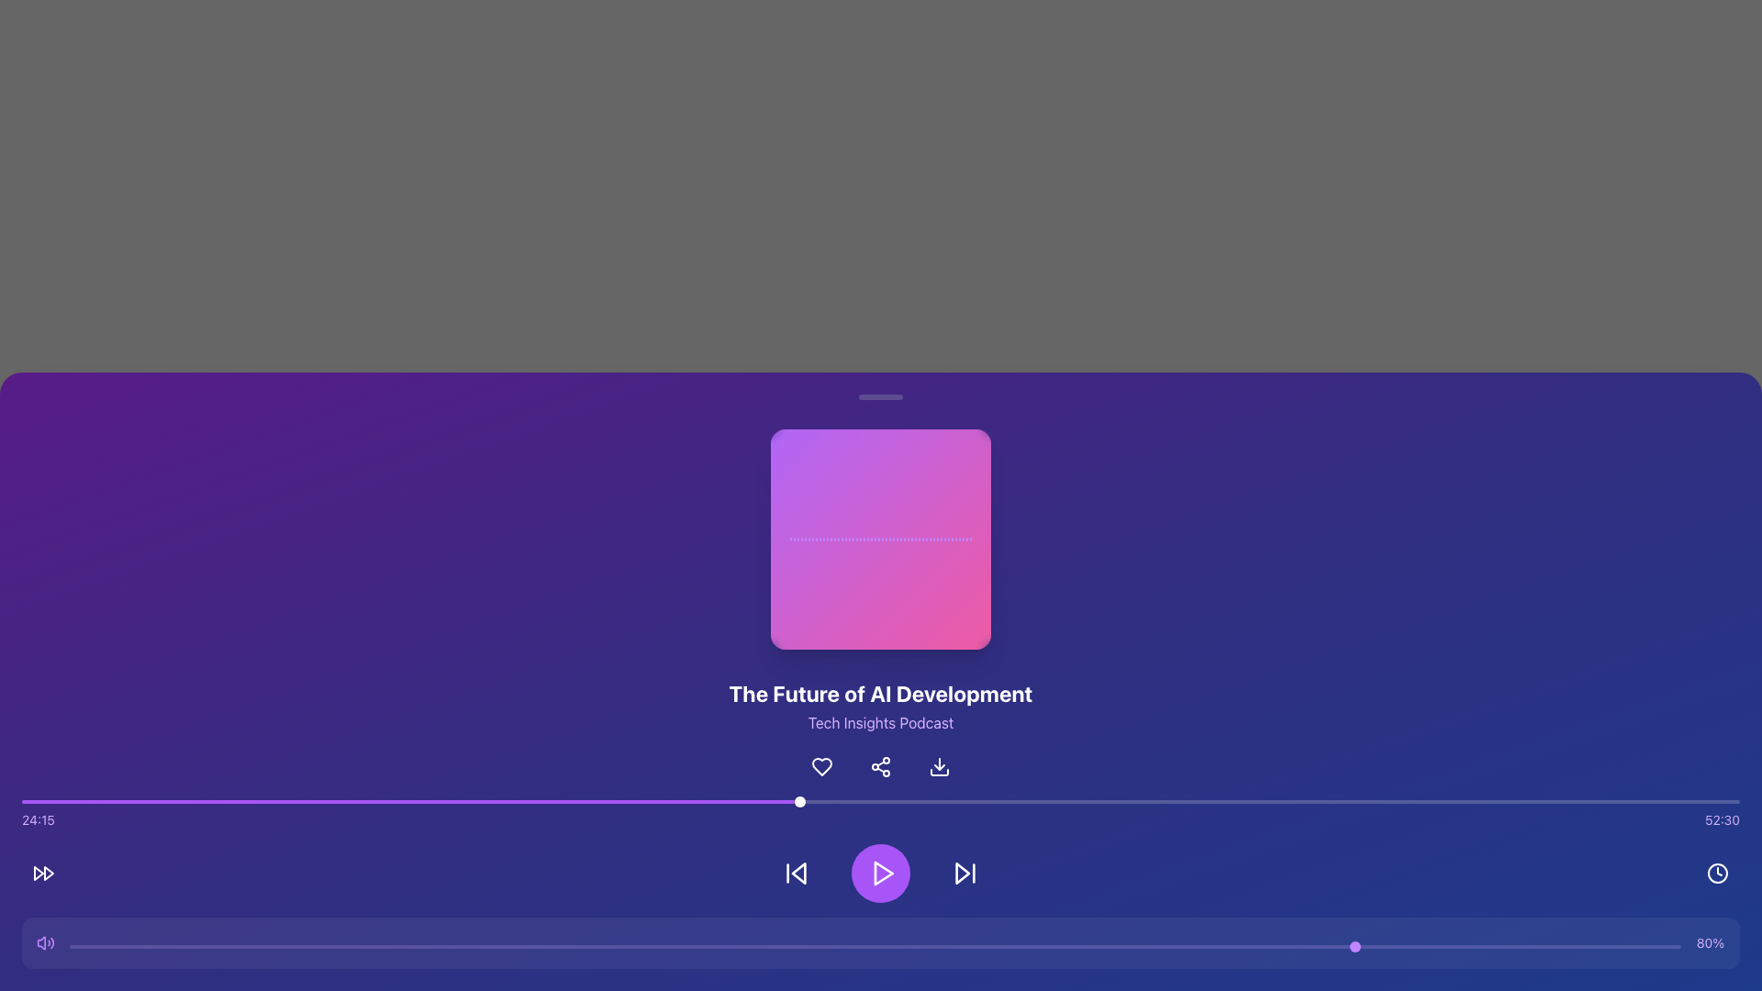  I want to click on the slider position, so click(1230, 947).